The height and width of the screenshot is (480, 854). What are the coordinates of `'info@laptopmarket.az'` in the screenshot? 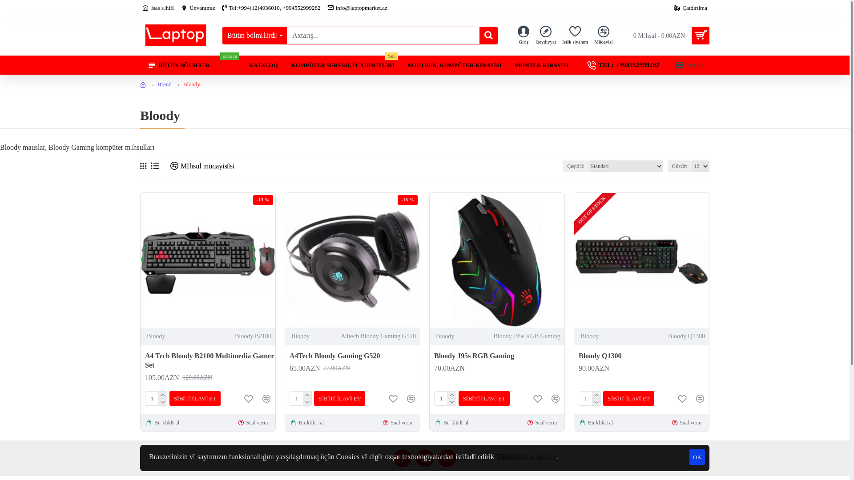 It's located at (357, 8).